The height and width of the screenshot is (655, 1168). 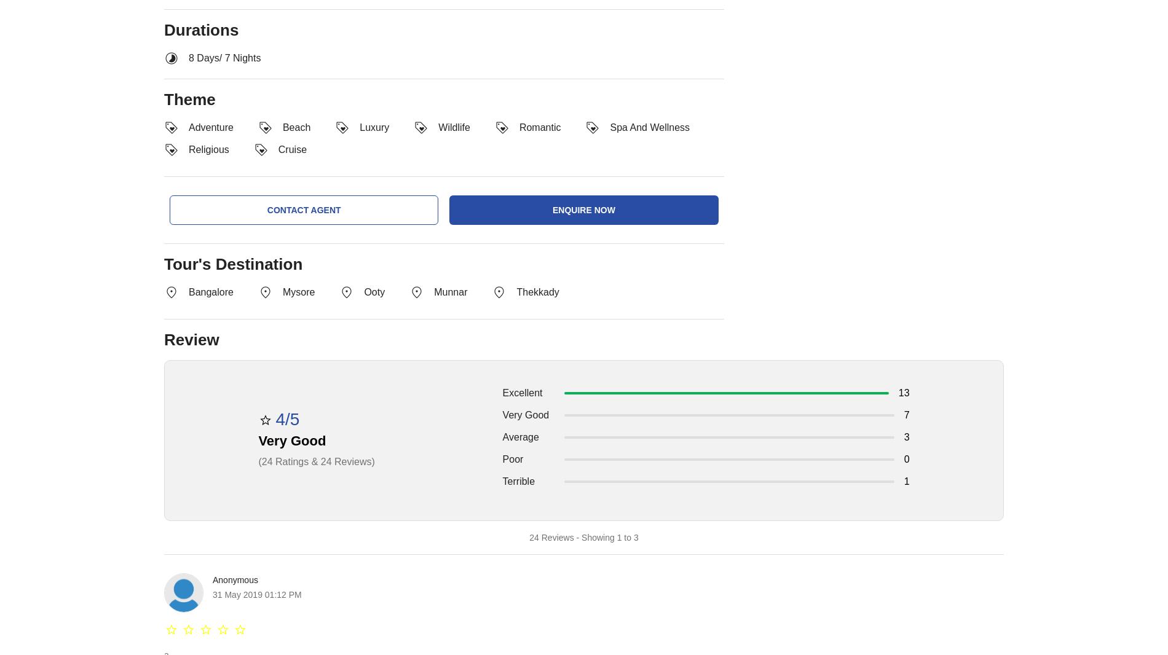 I want to click on '1', so click(x=906, y=480).